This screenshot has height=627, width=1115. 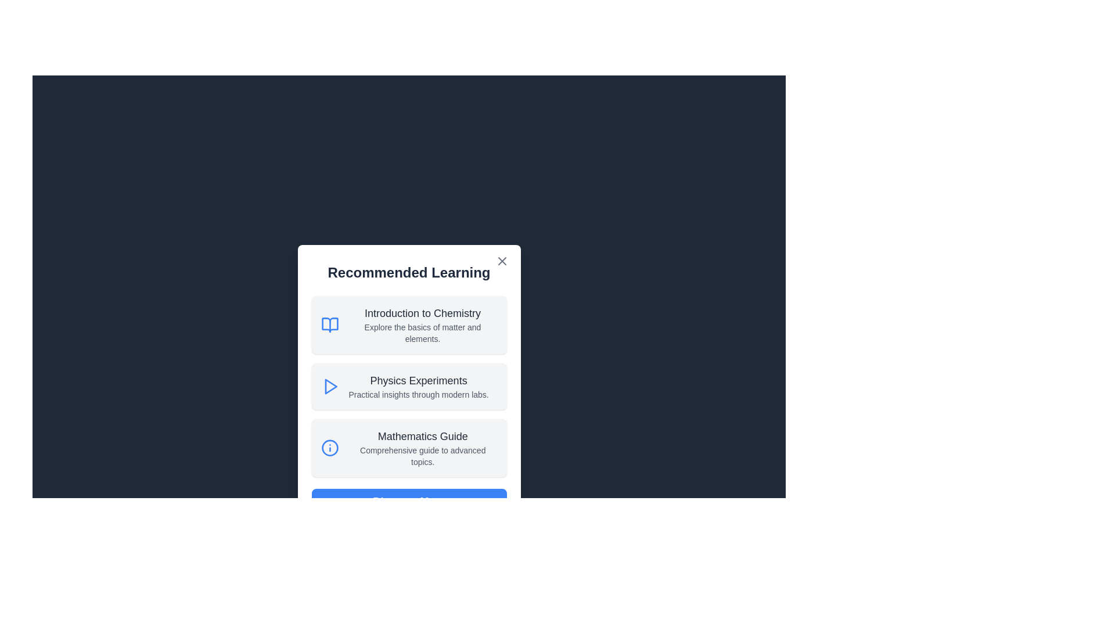 I want to click on the play button located, so click(x=329, y=387).